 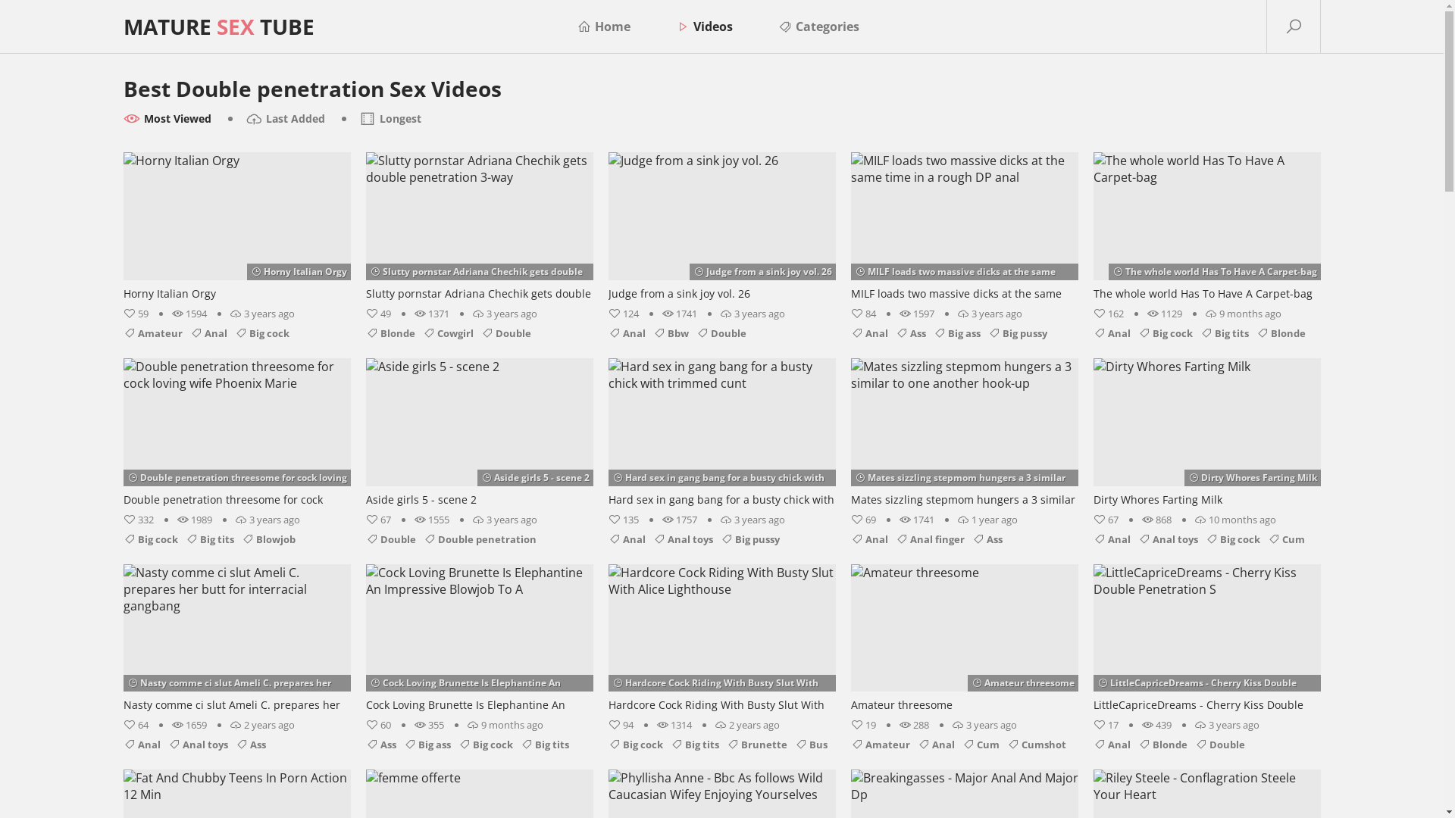 What do you see at coordinates (703, 26) in the screenshot?
I see `'Videos'` at bounding box center [703, 26].